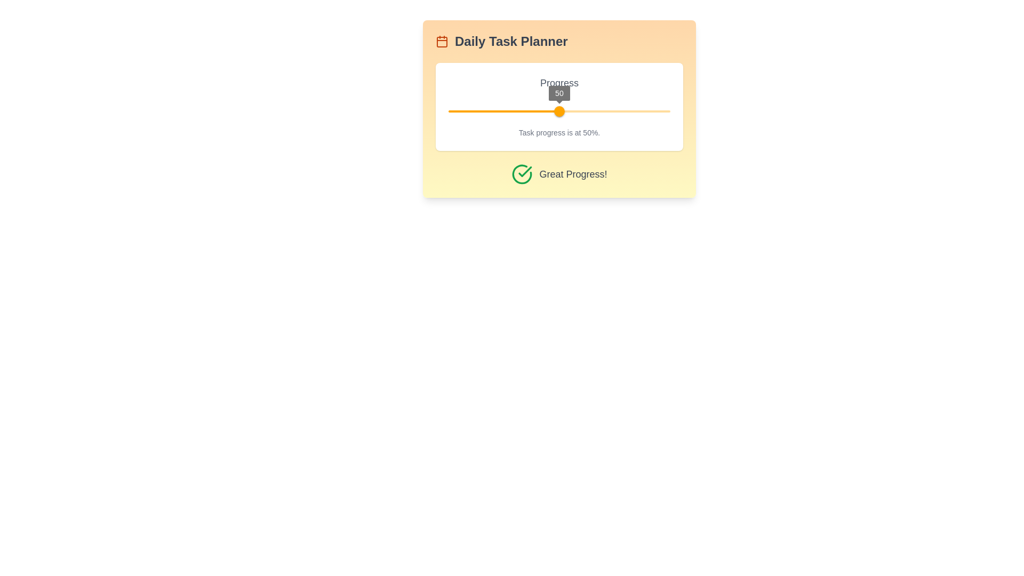 This screenshot has width=1024, height=576. What do you see at coordinates (594, 111) in the screenshot?
I see `the progress value` at bounding box center [594, 111].